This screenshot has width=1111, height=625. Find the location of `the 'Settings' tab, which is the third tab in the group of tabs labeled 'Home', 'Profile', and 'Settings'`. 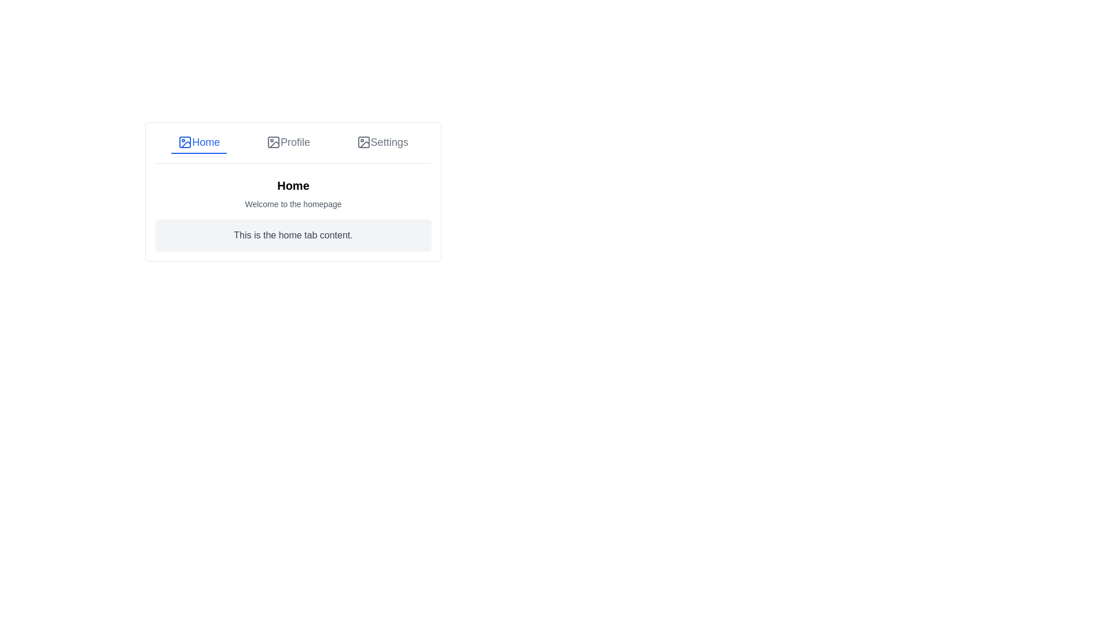

the 'Settings' tab, which is the third tab in the group of tabs labeled 'Home', 'Profile', and 'Settings' is located at coordinates (382, 142).